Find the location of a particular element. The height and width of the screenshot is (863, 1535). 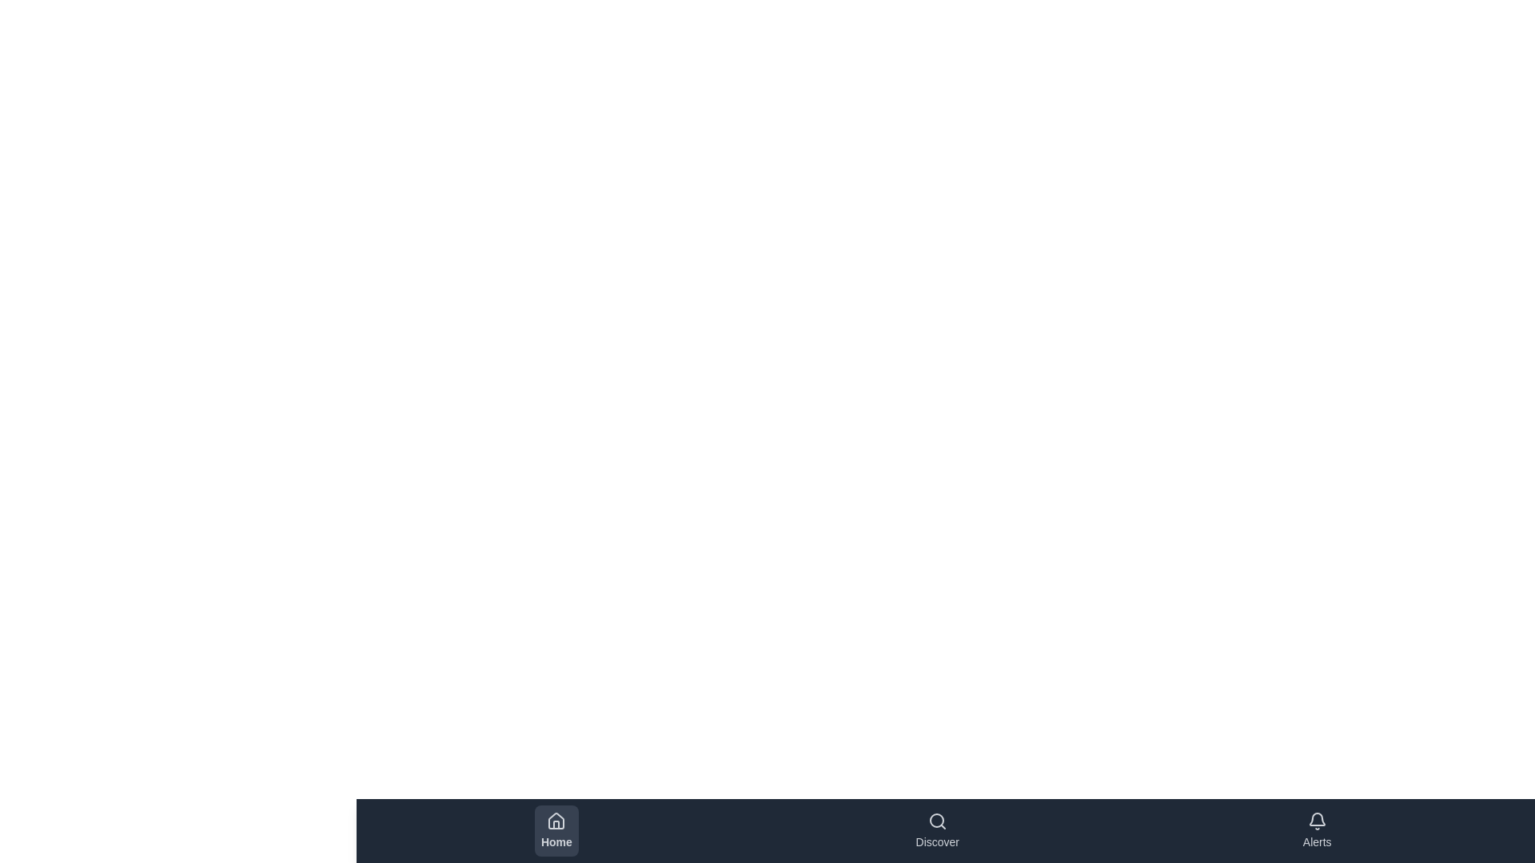

the button labeled Home to inspect its visual design is located at coordinates (556, 830).